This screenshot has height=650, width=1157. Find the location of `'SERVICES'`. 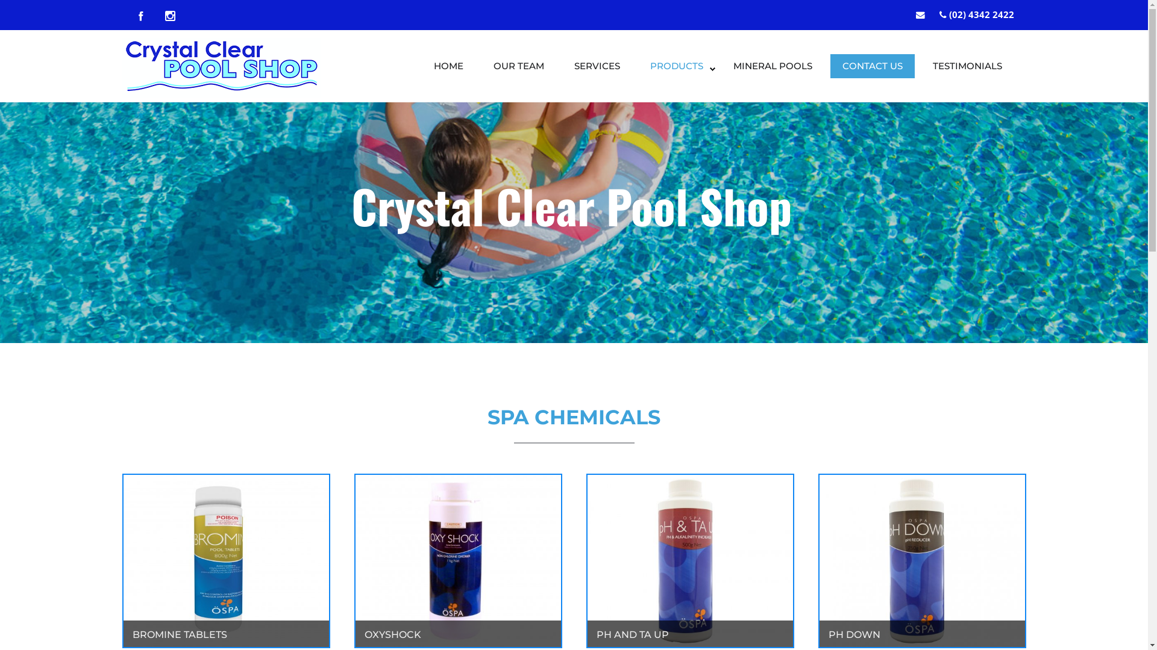

'SERVICES' is located at coordinates (596, 66).